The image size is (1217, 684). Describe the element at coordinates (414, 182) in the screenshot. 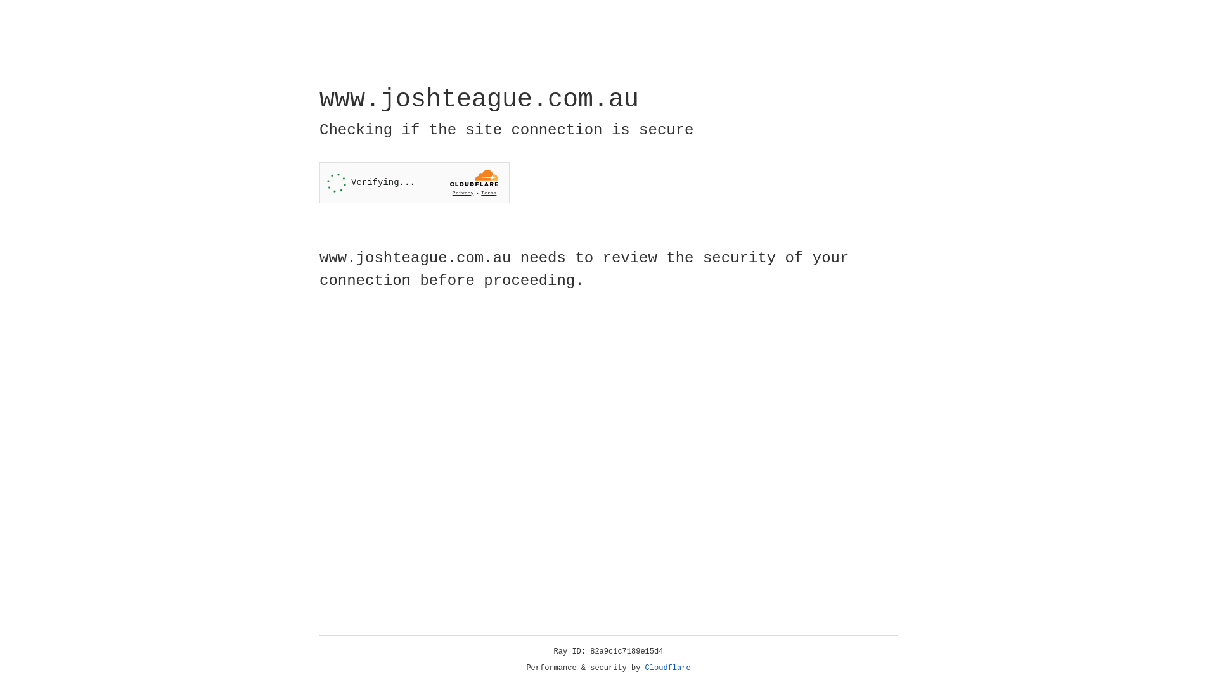

I see `'Widget containing a Cloudflare security challenge'` at that location.